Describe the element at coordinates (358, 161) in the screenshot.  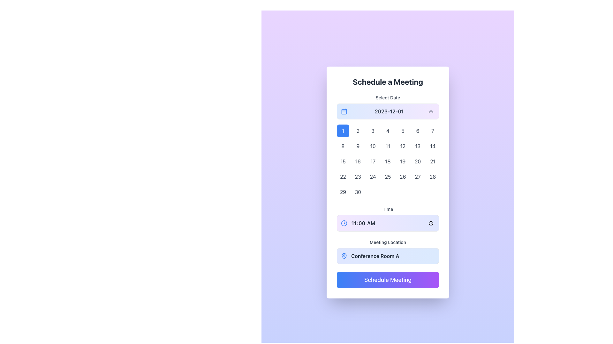
I see `the button displaying the number '16' in the calendar layout` at that location.